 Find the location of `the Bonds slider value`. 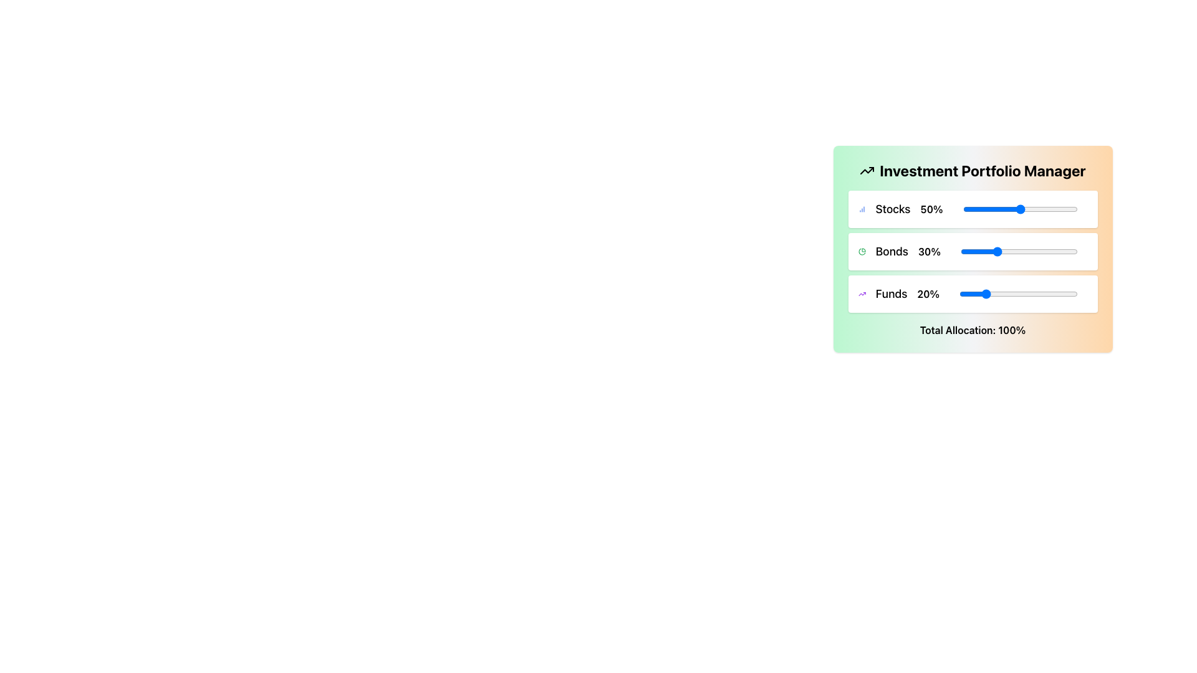

the Bonds slider value is located at coordinates (1037, 252).